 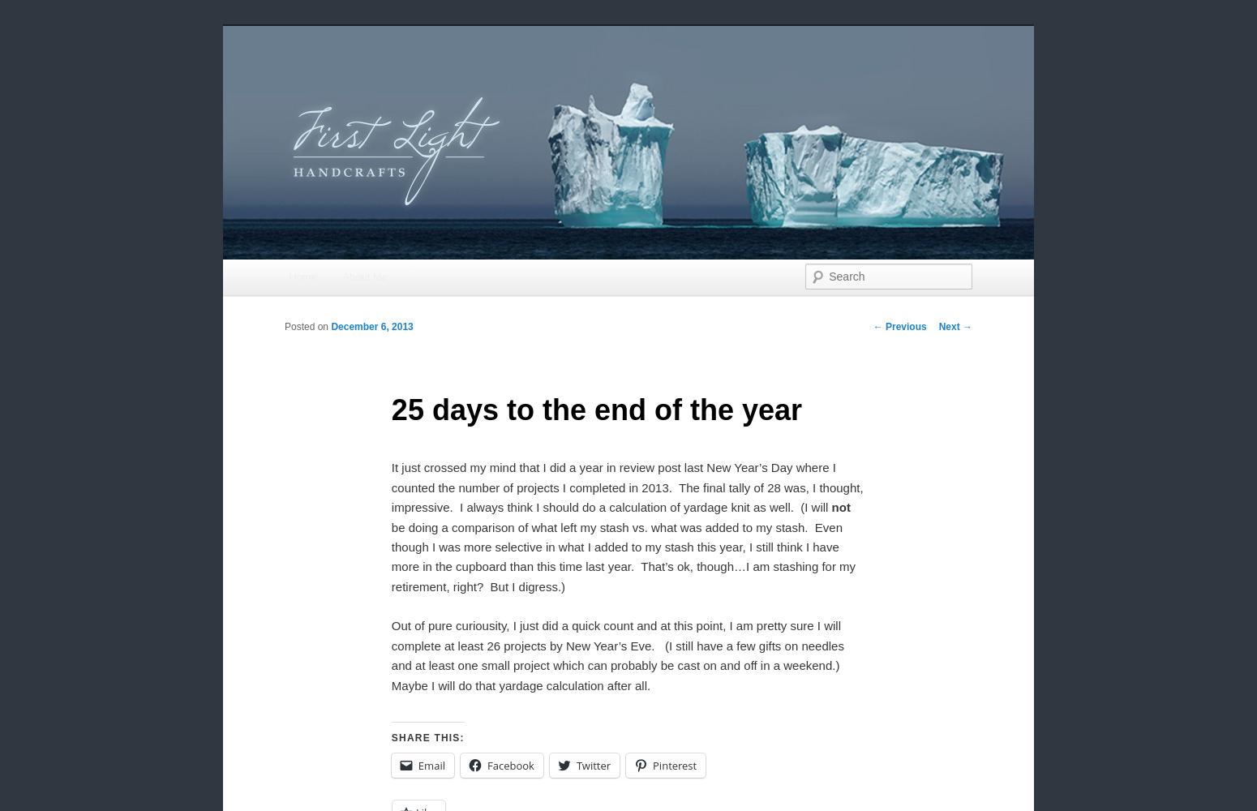 I want to click on 'Pinterest', so click(x=674, y=765).